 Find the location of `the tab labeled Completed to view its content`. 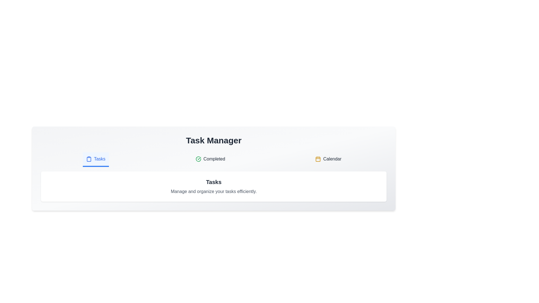

the tab labeled Completed to view its content is located at coordinates (210, 160).